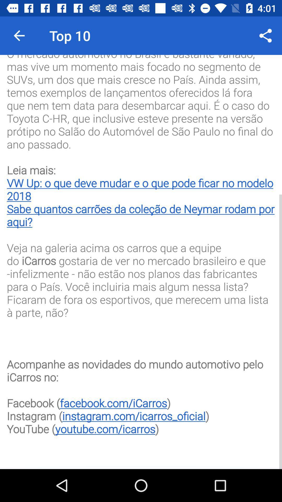 The image size is (282, 502). I want to click on item above the o mercado automotivo, so click(19, 35).